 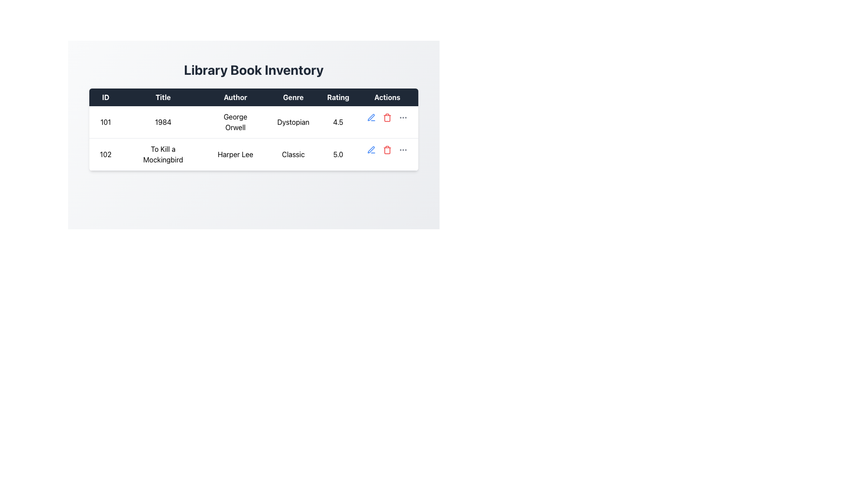 What do you see at coordinates (387, 97) in the screenshot?
I see `the 'Actions' header in the table that indicates the purpose of the column for interactive elements related to actions performed on table rows` at bounding box center [387, 97].